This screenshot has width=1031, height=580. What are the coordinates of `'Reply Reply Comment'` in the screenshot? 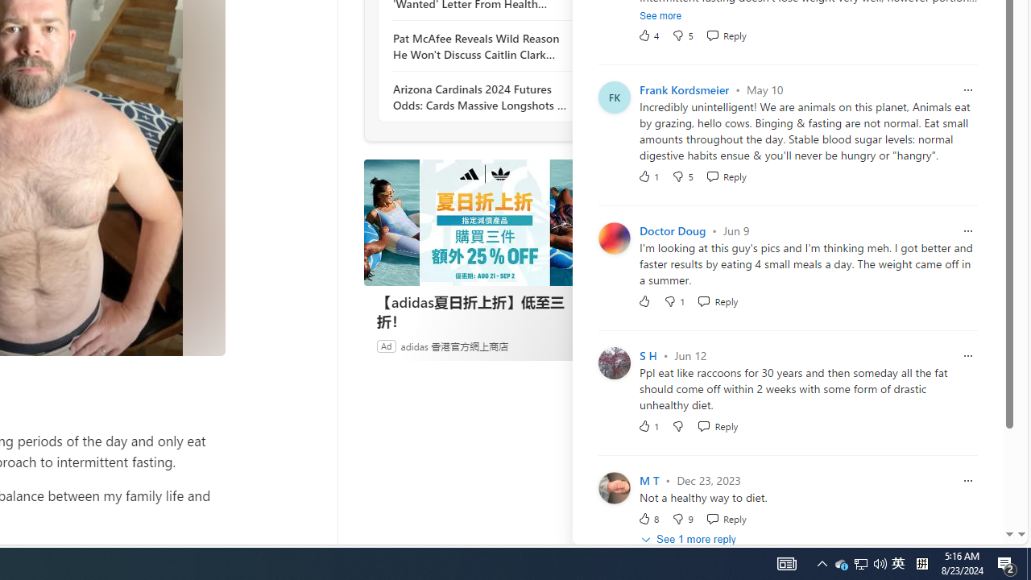 It's located at (725, 518).